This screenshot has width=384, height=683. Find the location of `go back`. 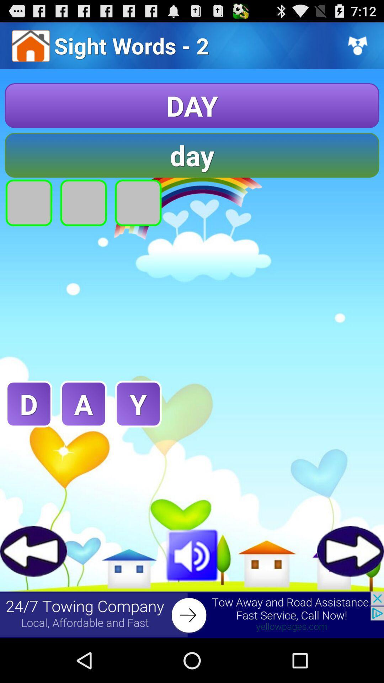

go back is located at coordinates (33, 551).